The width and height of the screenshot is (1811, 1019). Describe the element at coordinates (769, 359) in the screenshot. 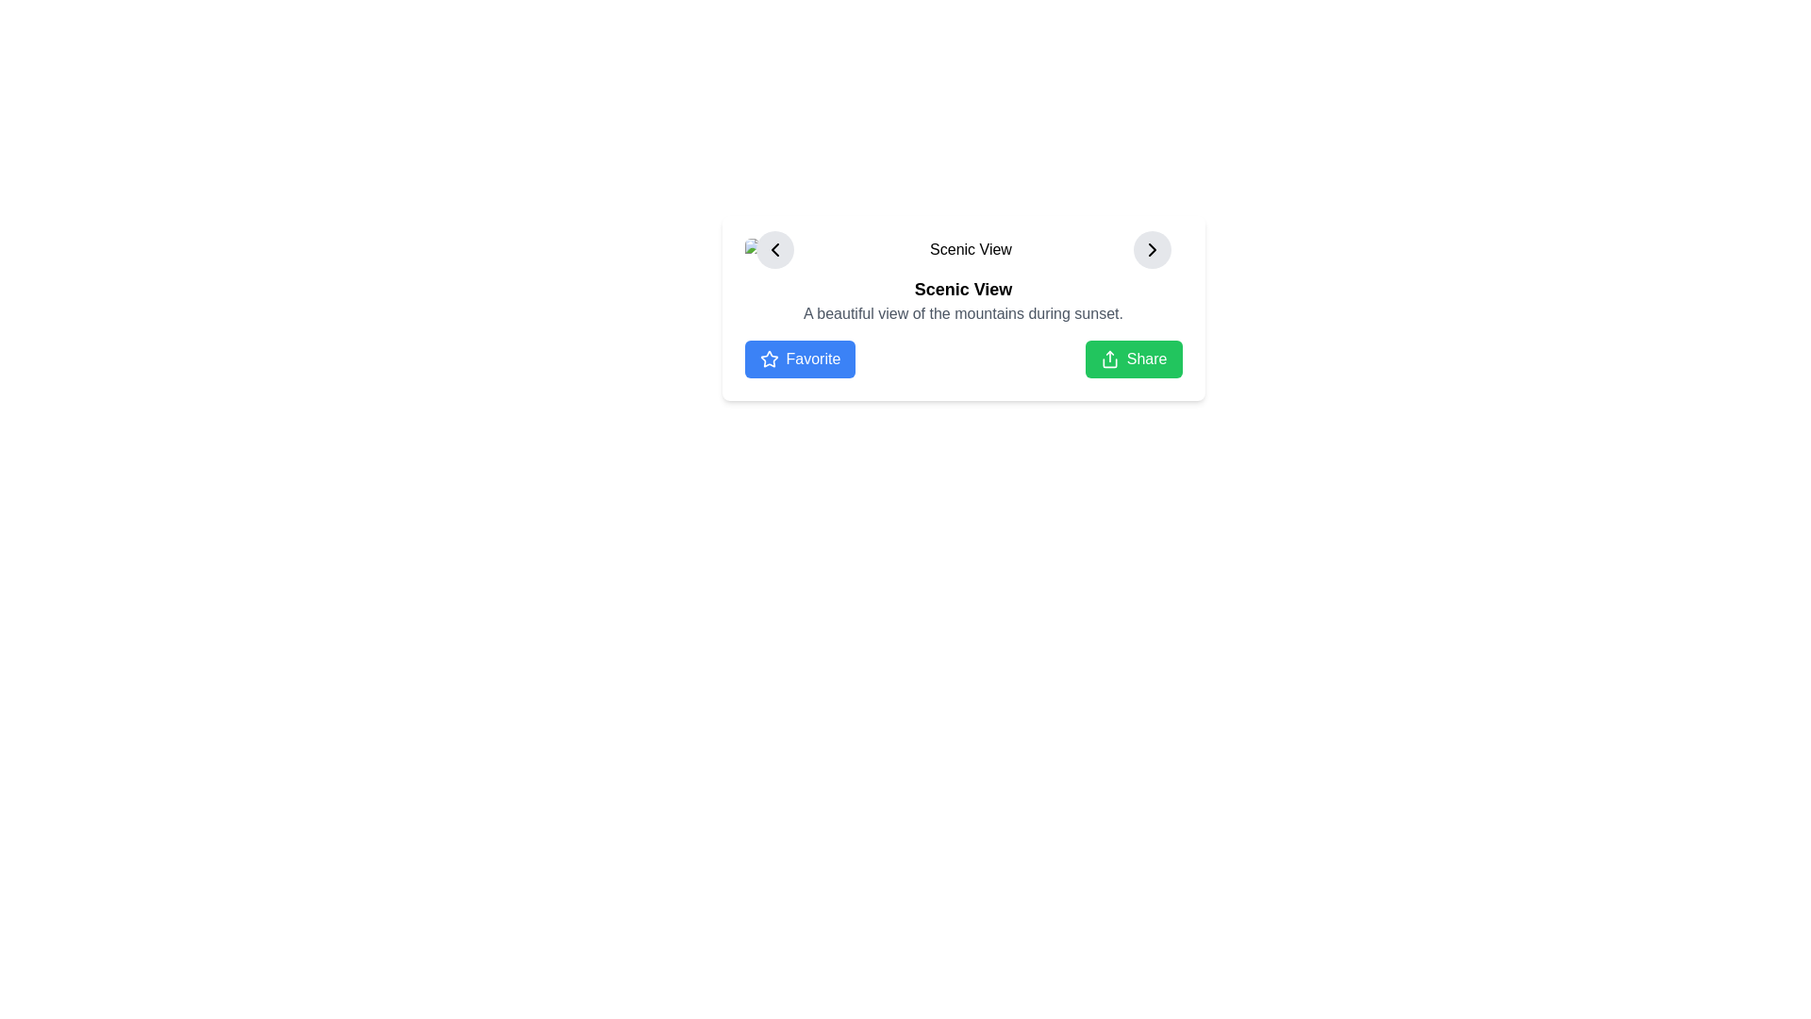

I see `the decorative icon located at the left bottom section of the card interface, grouped with the 'Favorite' button` at that location.